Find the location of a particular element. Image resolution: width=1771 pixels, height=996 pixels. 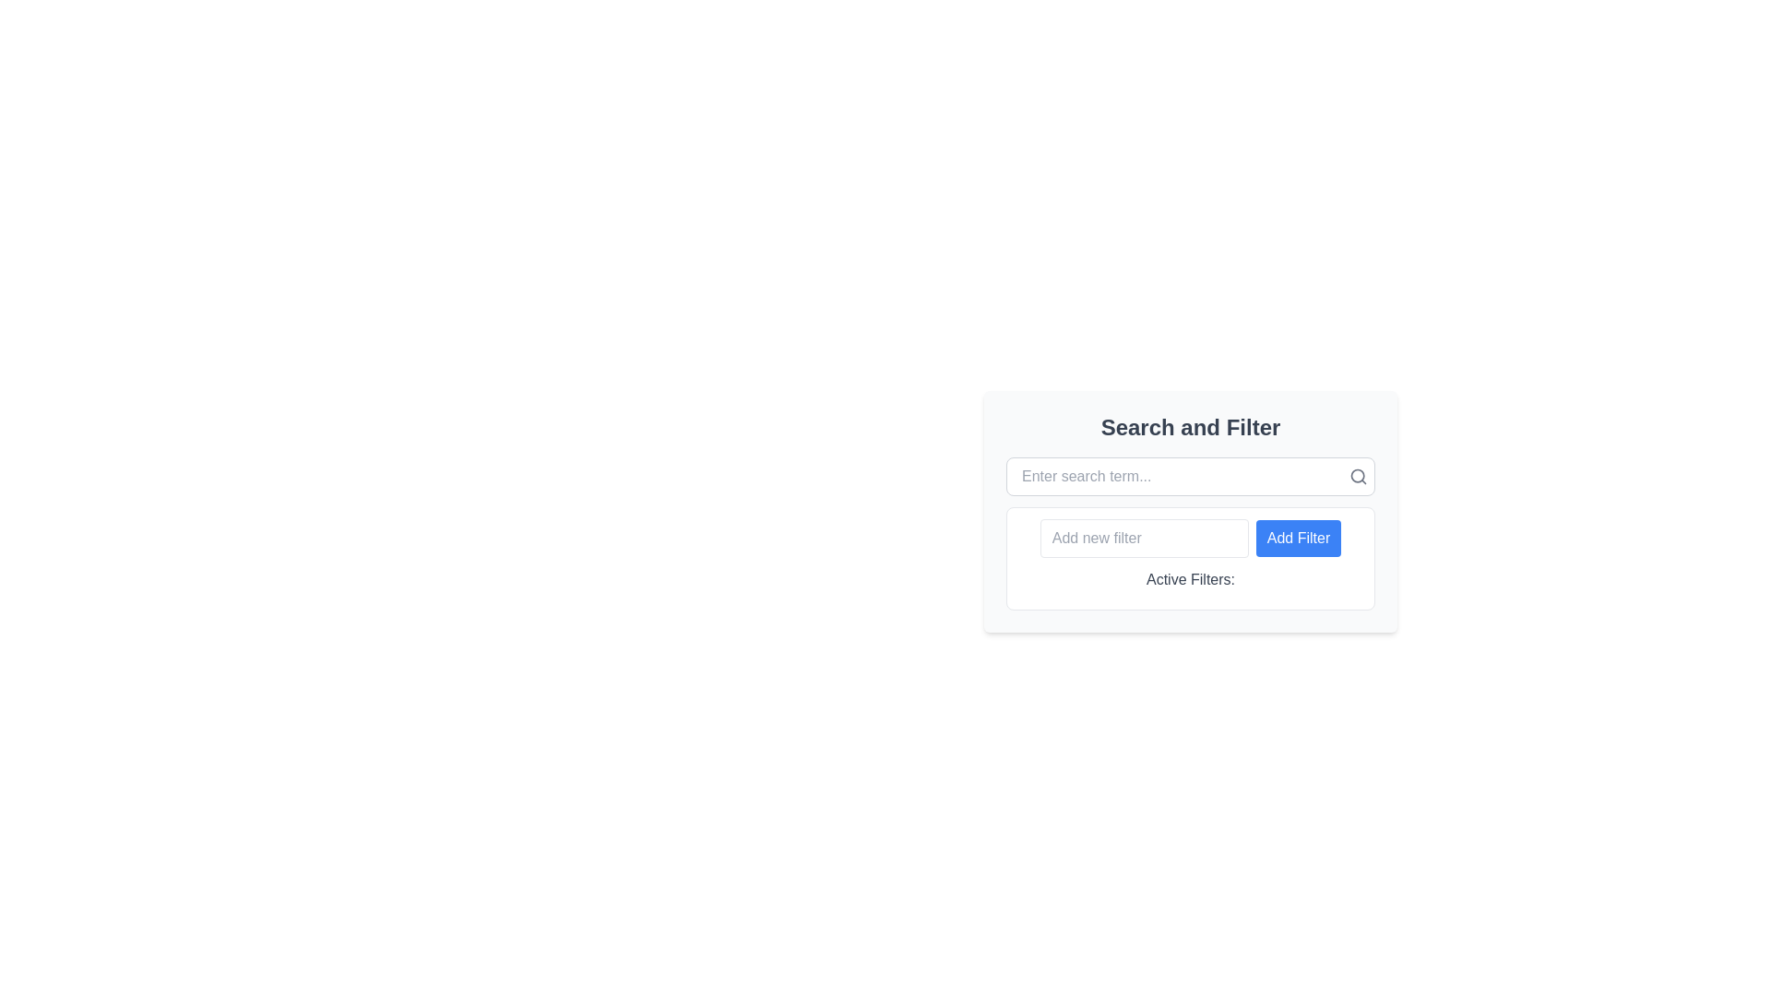

the Text label indicating the section for active filters, located beneath the 'Add Filter' button is located at coordinates (1191, 578).